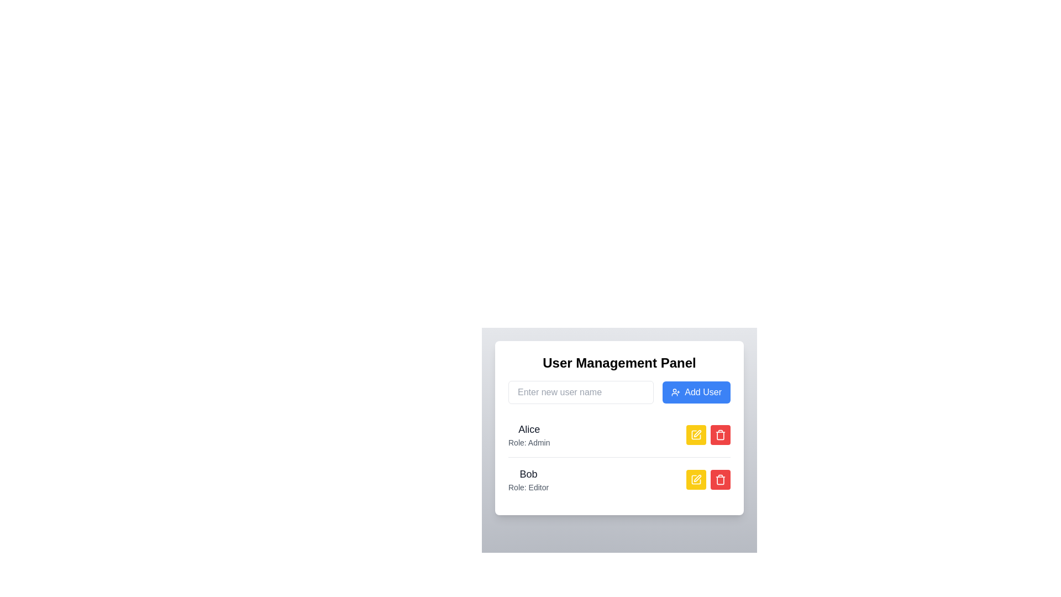 This screenshot has width=1061, height=597. What do you see at coordinates (528, 434) in the screenshot?
I see `displayed information from the text element showing 'Alice' and 'Role: Admin' in the User Management Panel interface, located in the first row of user entries` at bounding box center [528, 434].